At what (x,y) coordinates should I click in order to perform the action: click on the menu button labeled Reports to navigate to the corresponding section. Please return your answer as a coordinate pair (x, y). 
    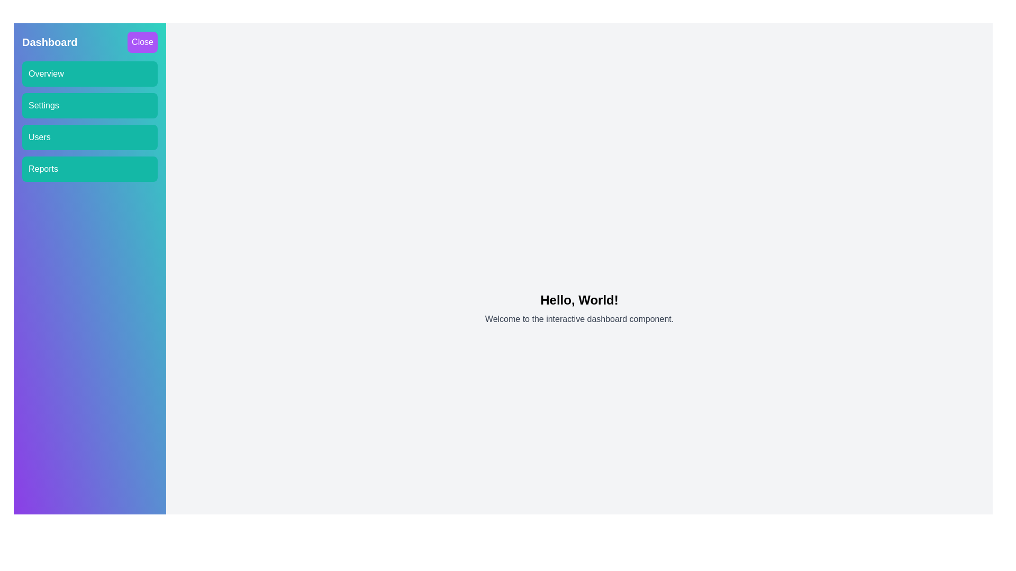
    Looking at the image, I should click on (89, 169).